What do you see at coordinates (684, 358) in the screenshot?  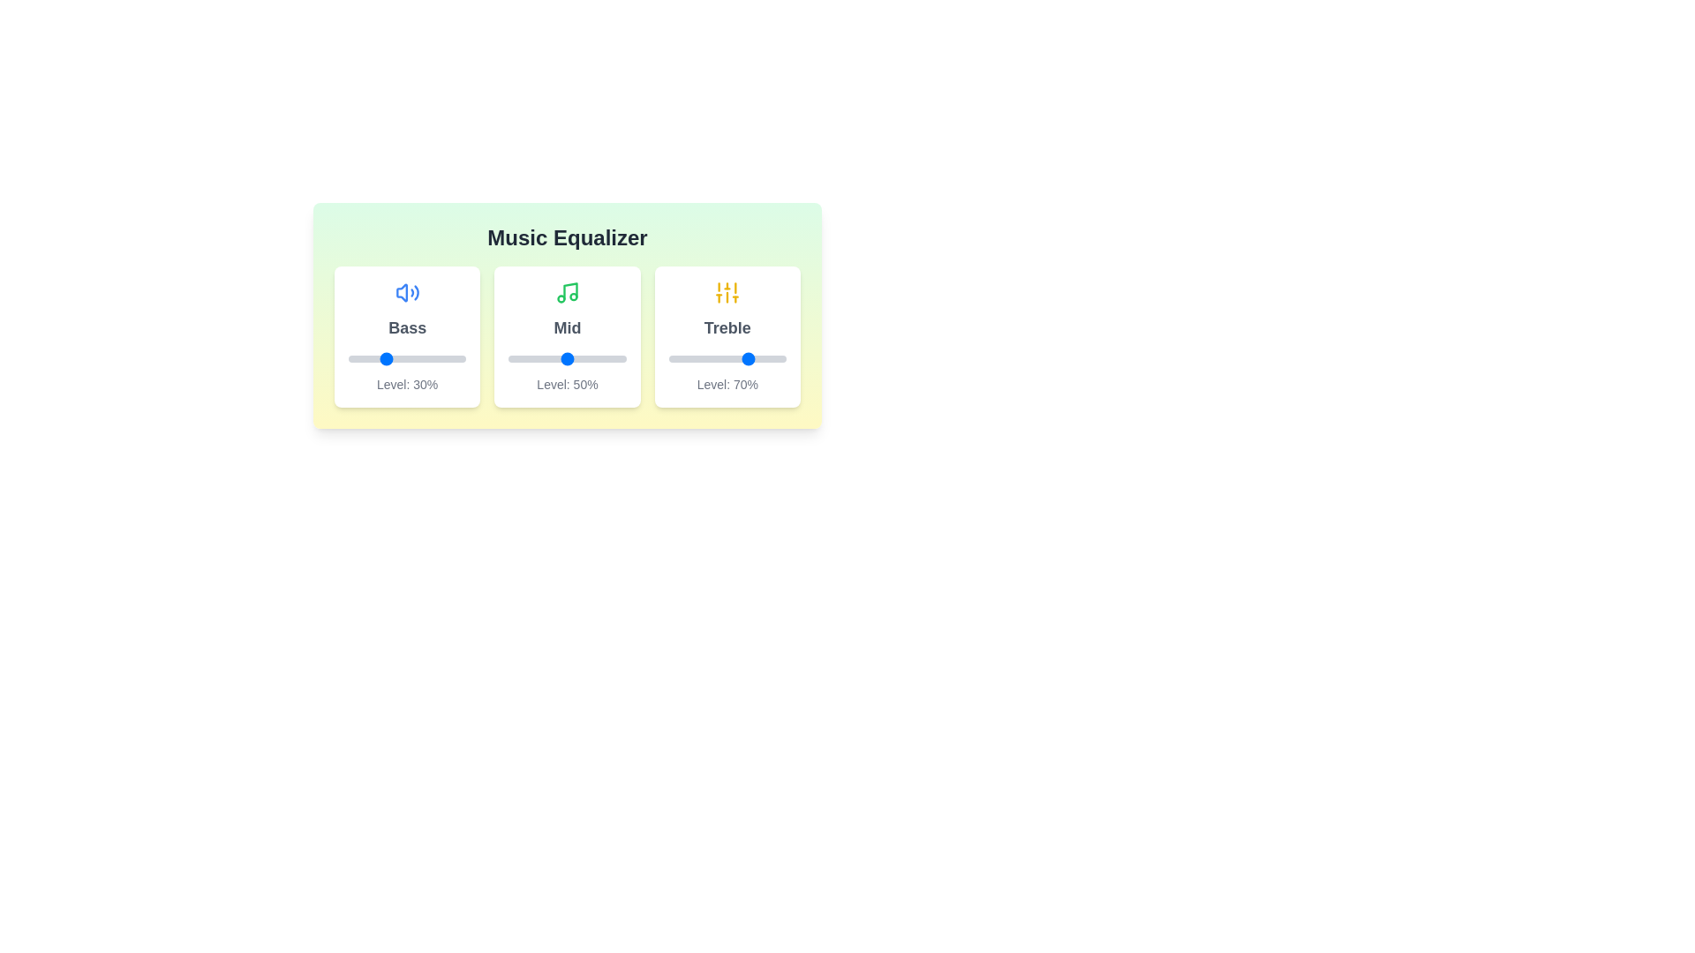 I see `the Treble slider to set its value to 14` at bounding box center [684, 358].